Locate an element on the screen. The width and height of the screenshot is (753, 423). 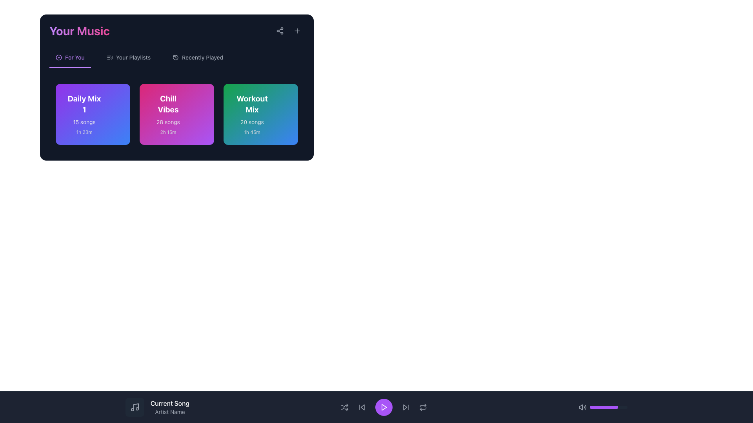
the 'Chill Vibes' playlist panel, which features a gradient background from pink to purple and displays the title 'Chill Vibes' in bold text is located at coordinates (176, 114).